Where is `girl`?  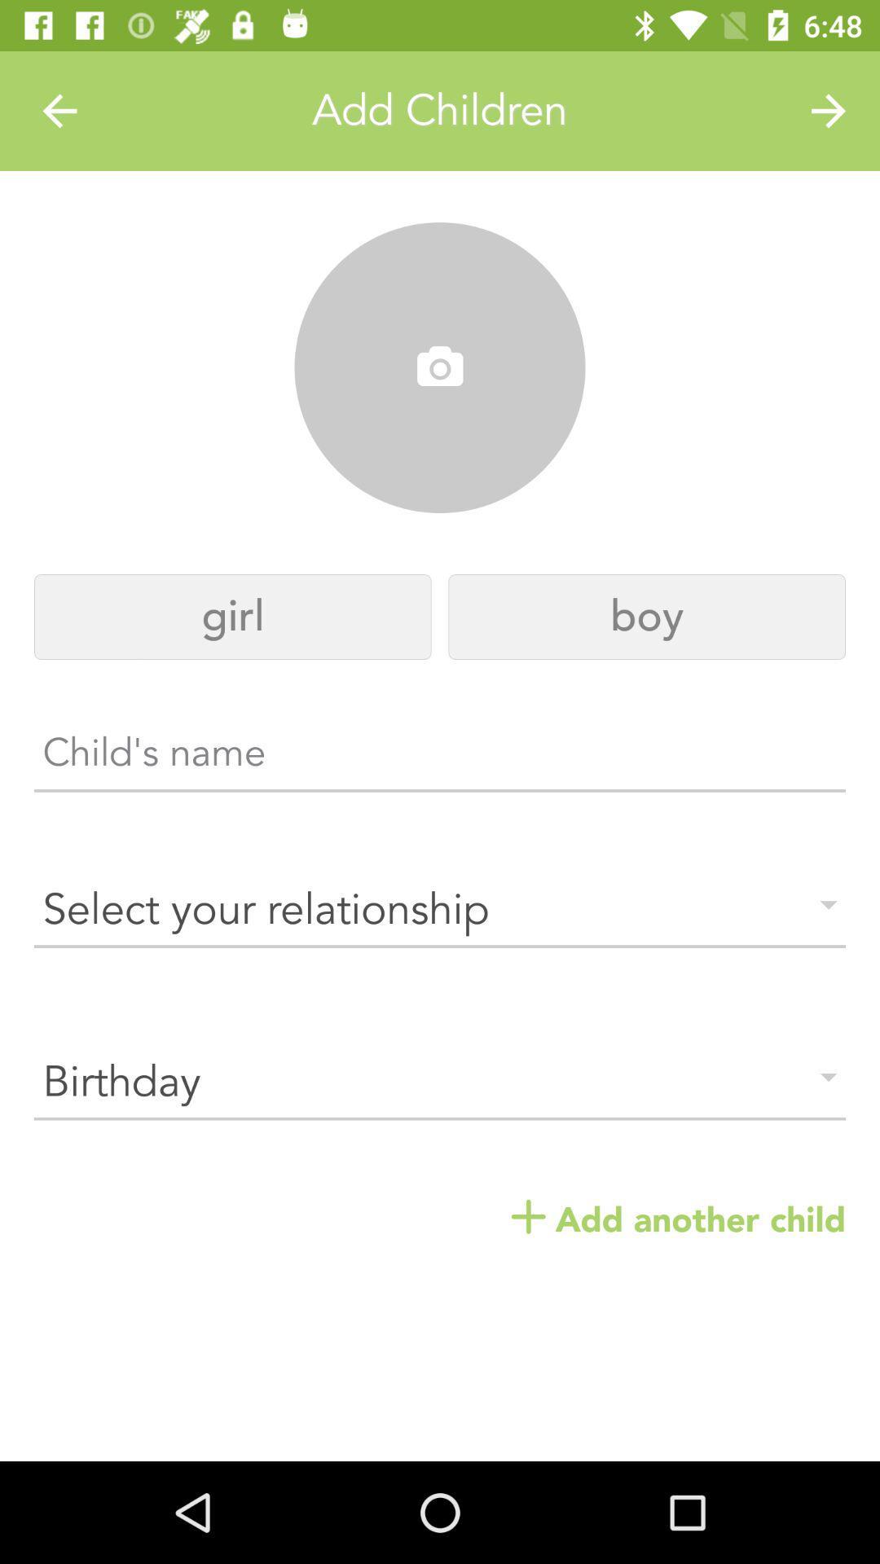
girl is located at coordinates (232, 616).